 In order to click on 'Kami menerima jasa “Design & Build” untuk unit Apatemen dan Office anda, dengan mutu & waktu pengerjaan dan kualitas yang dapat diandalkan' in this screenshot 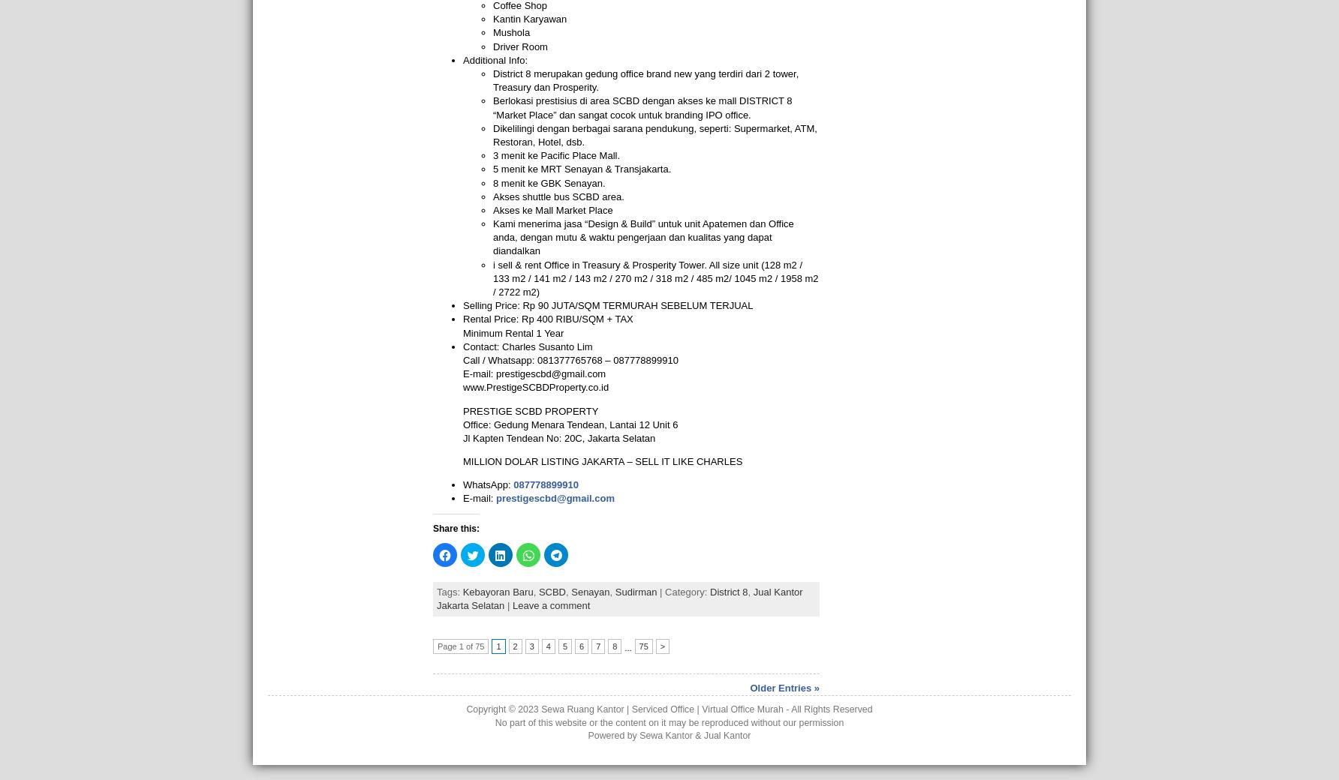, I will do `click(642, 236)`.